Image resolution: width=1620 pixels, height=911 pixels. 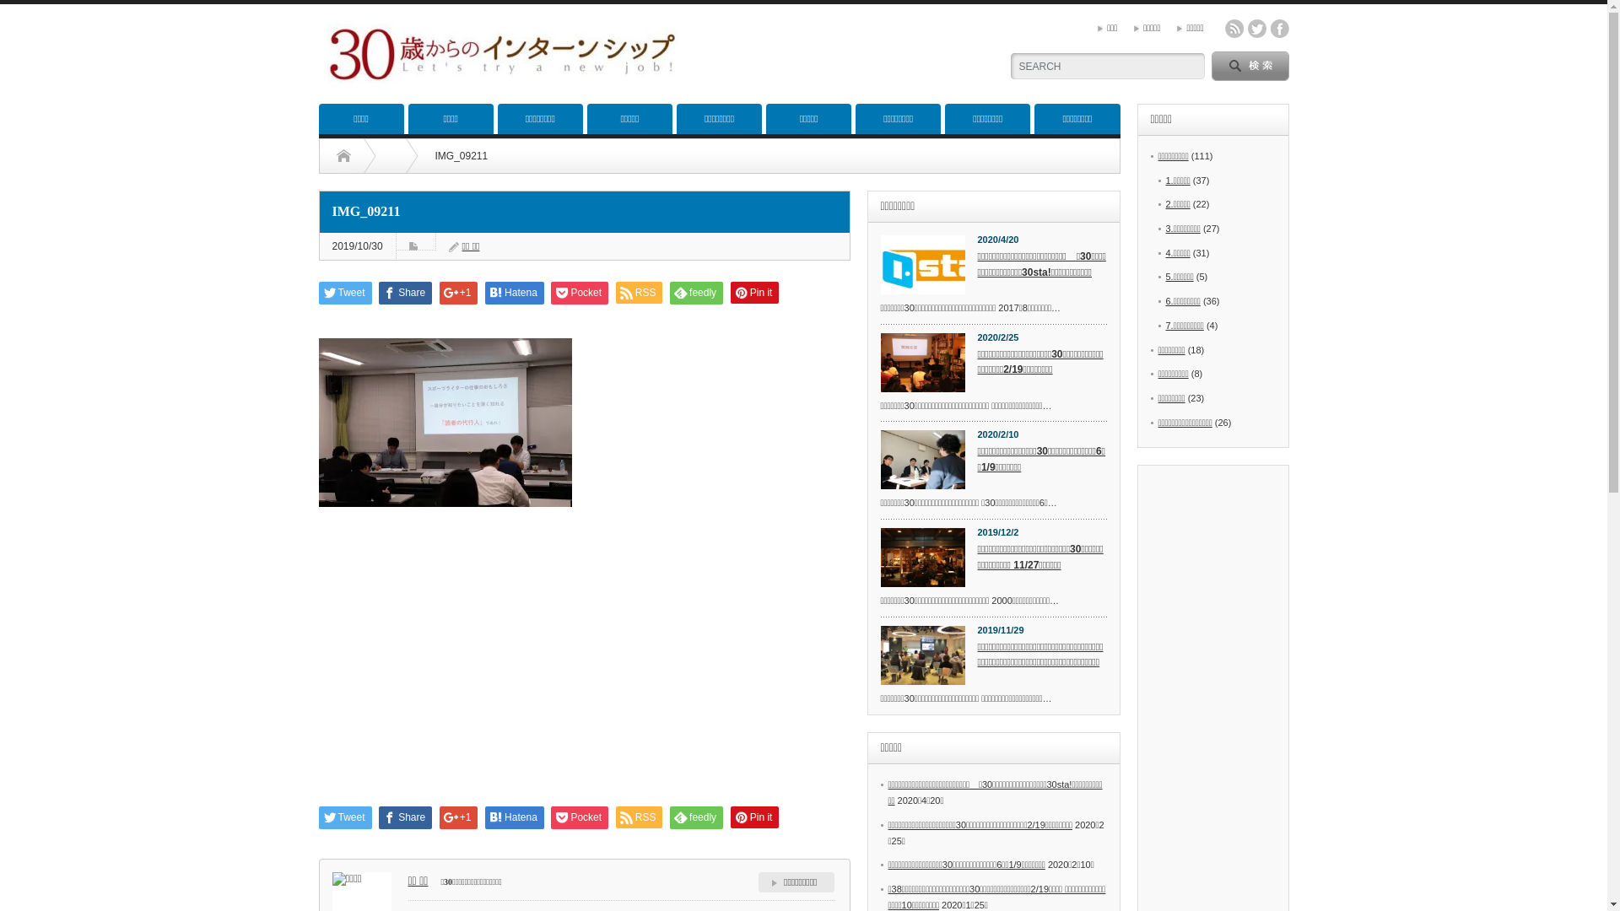 What do you see at coordinates (344, 292) in the screenshot?
I see `'Tweet'` at bounding box center [344, 292].